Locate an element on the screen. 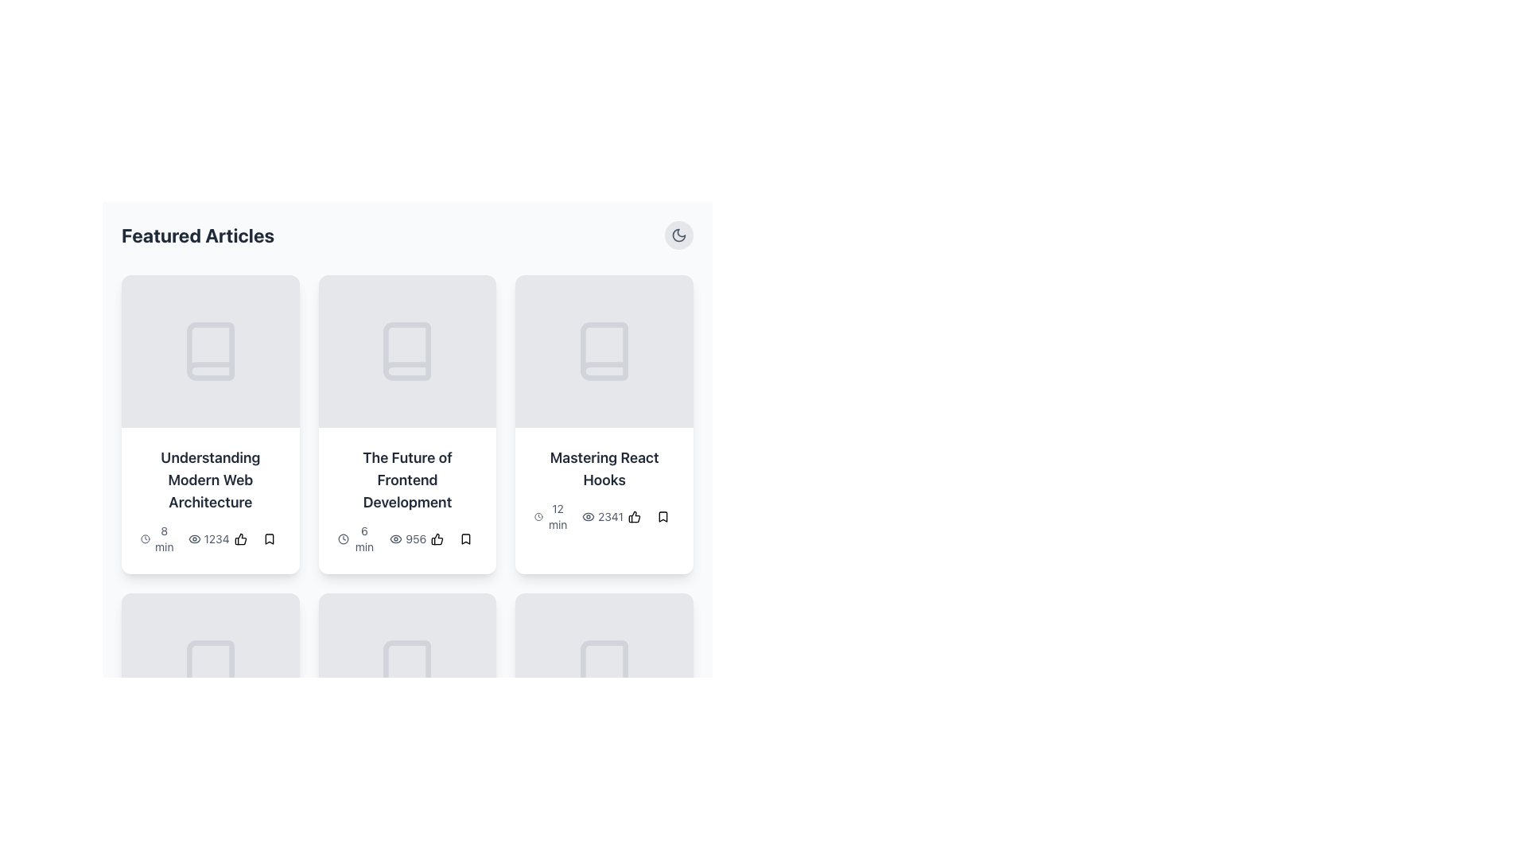 The height and width of the screenshot is (859, 1527). the bookmark icon in the composite UI element consisting of two buttons with icons located in the lower-right section of the card labeled 'Mastering React Hooks' is located at coordinates (649, 517).